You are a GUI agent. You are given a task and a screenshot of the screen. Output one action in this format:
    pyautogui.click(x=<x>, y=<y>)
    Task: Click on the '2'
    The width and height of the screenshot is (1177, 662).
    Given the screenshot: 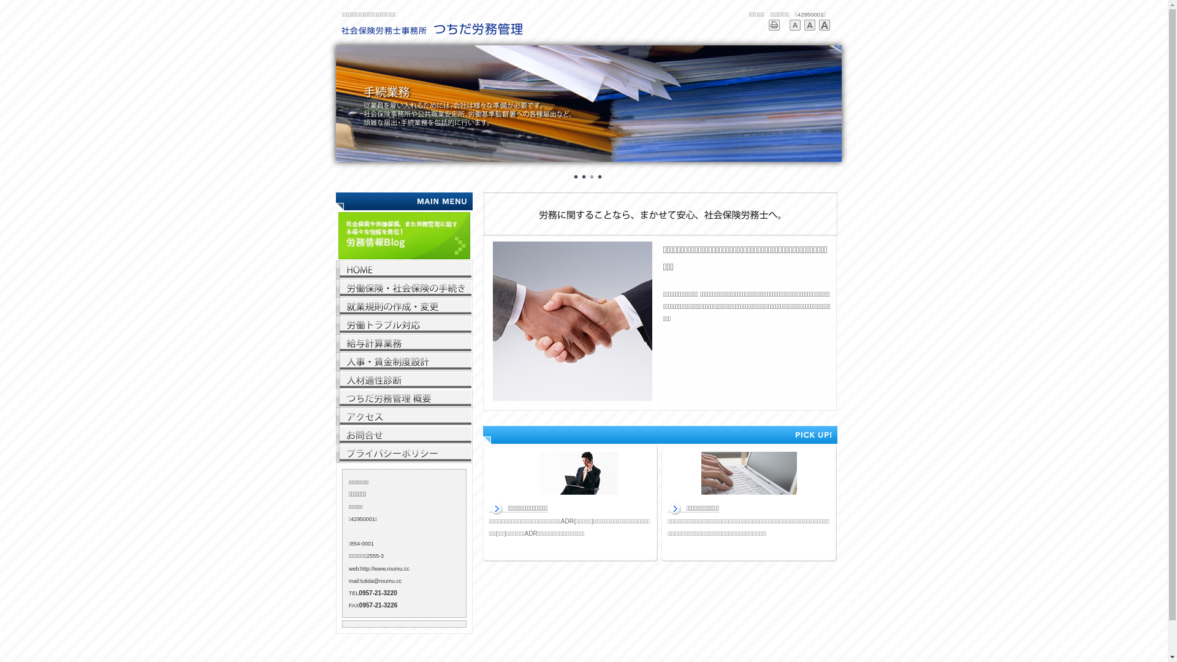 What is the action you would take?
    pyautogui.click(x=581, y=177)
    